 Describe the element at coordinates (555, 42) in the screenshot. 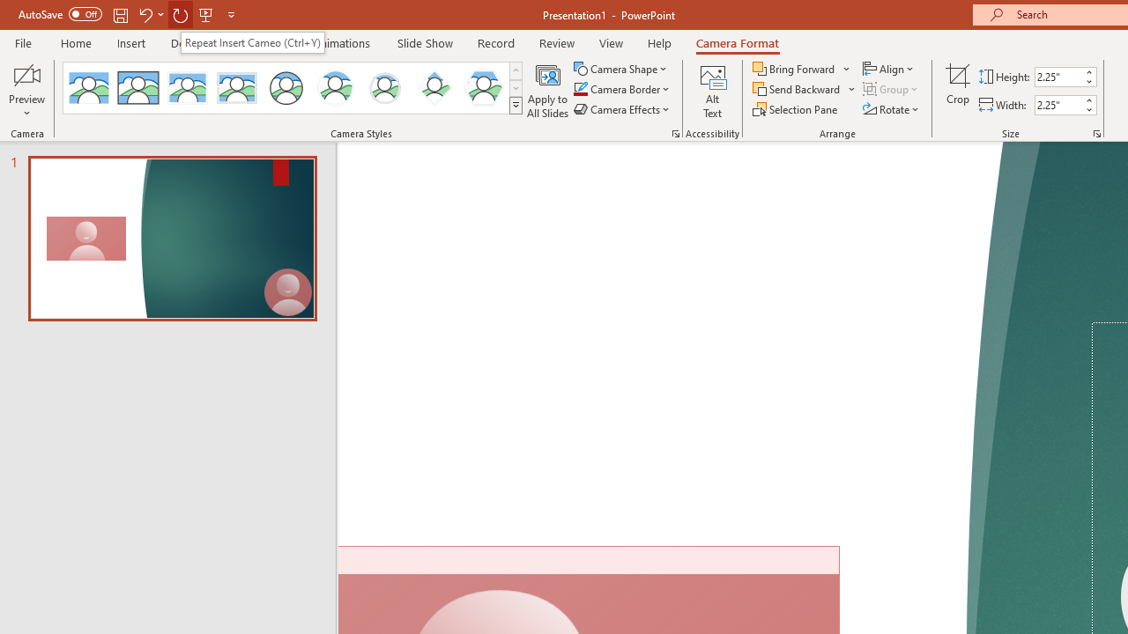

I see `'Review'` at that location.